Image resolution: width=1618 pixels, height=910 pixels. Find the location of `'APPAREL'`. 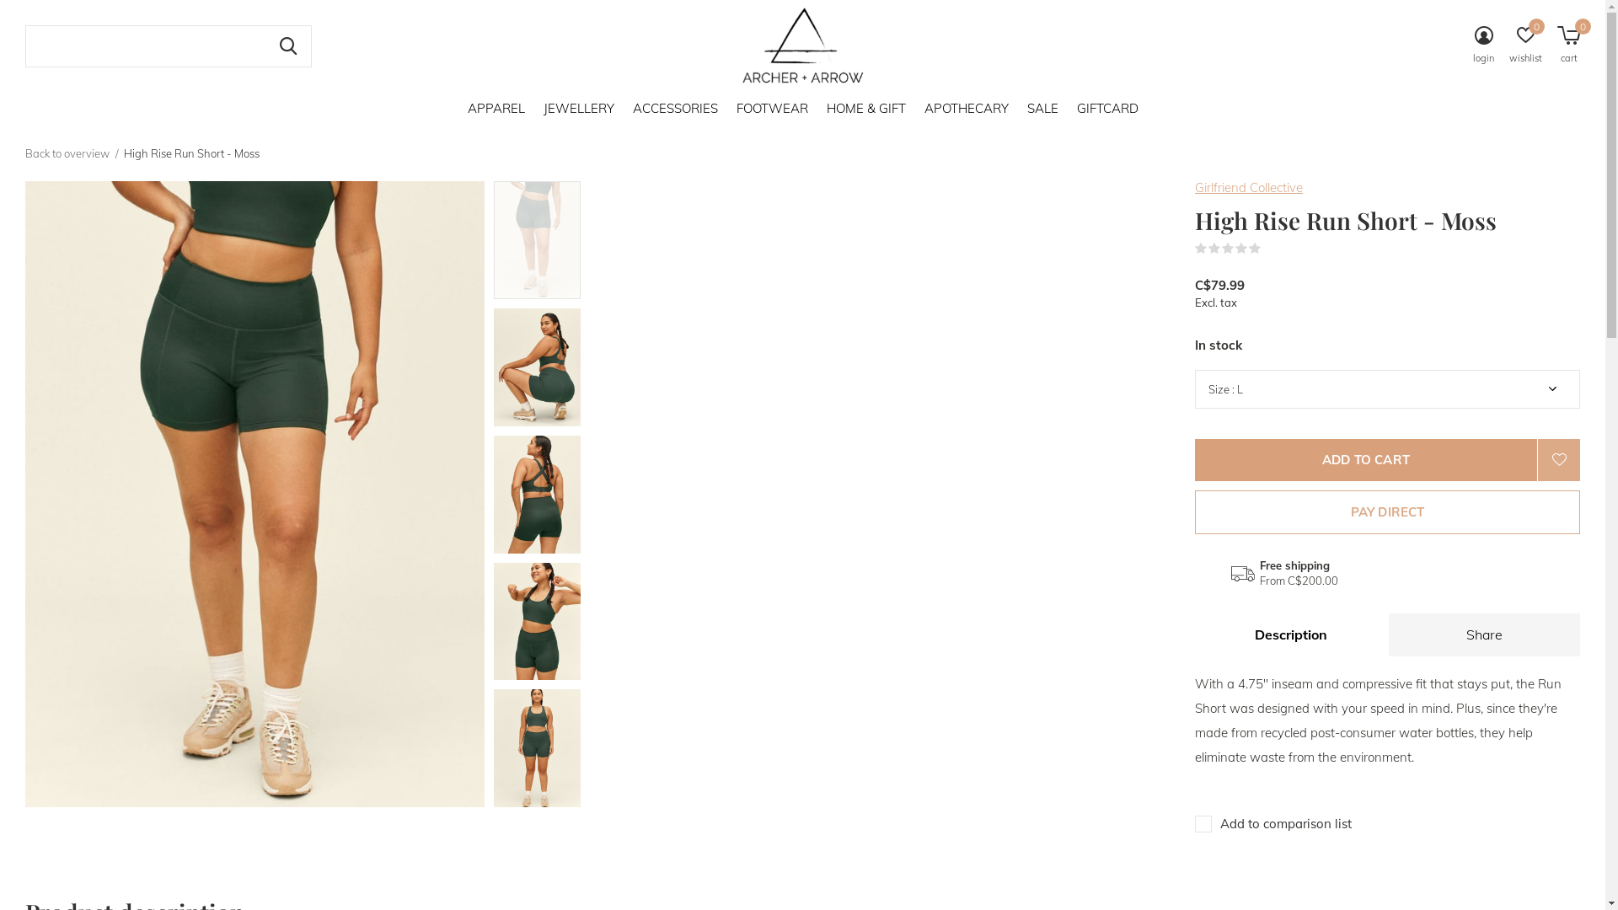

'APPAREL' is located at coordinates (495, 107).